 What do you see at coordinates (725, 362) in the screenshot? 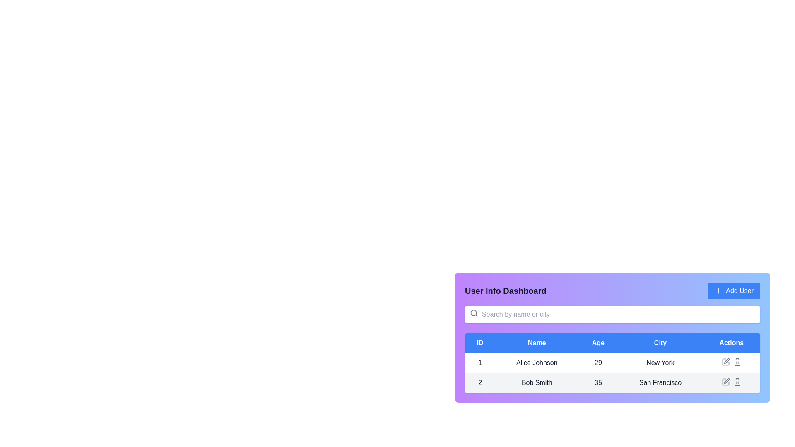
I see `the square icon component with a bold border and semi-transparent fill located in the actions column of the second row of the user information table` at bounding box center [725, 362].